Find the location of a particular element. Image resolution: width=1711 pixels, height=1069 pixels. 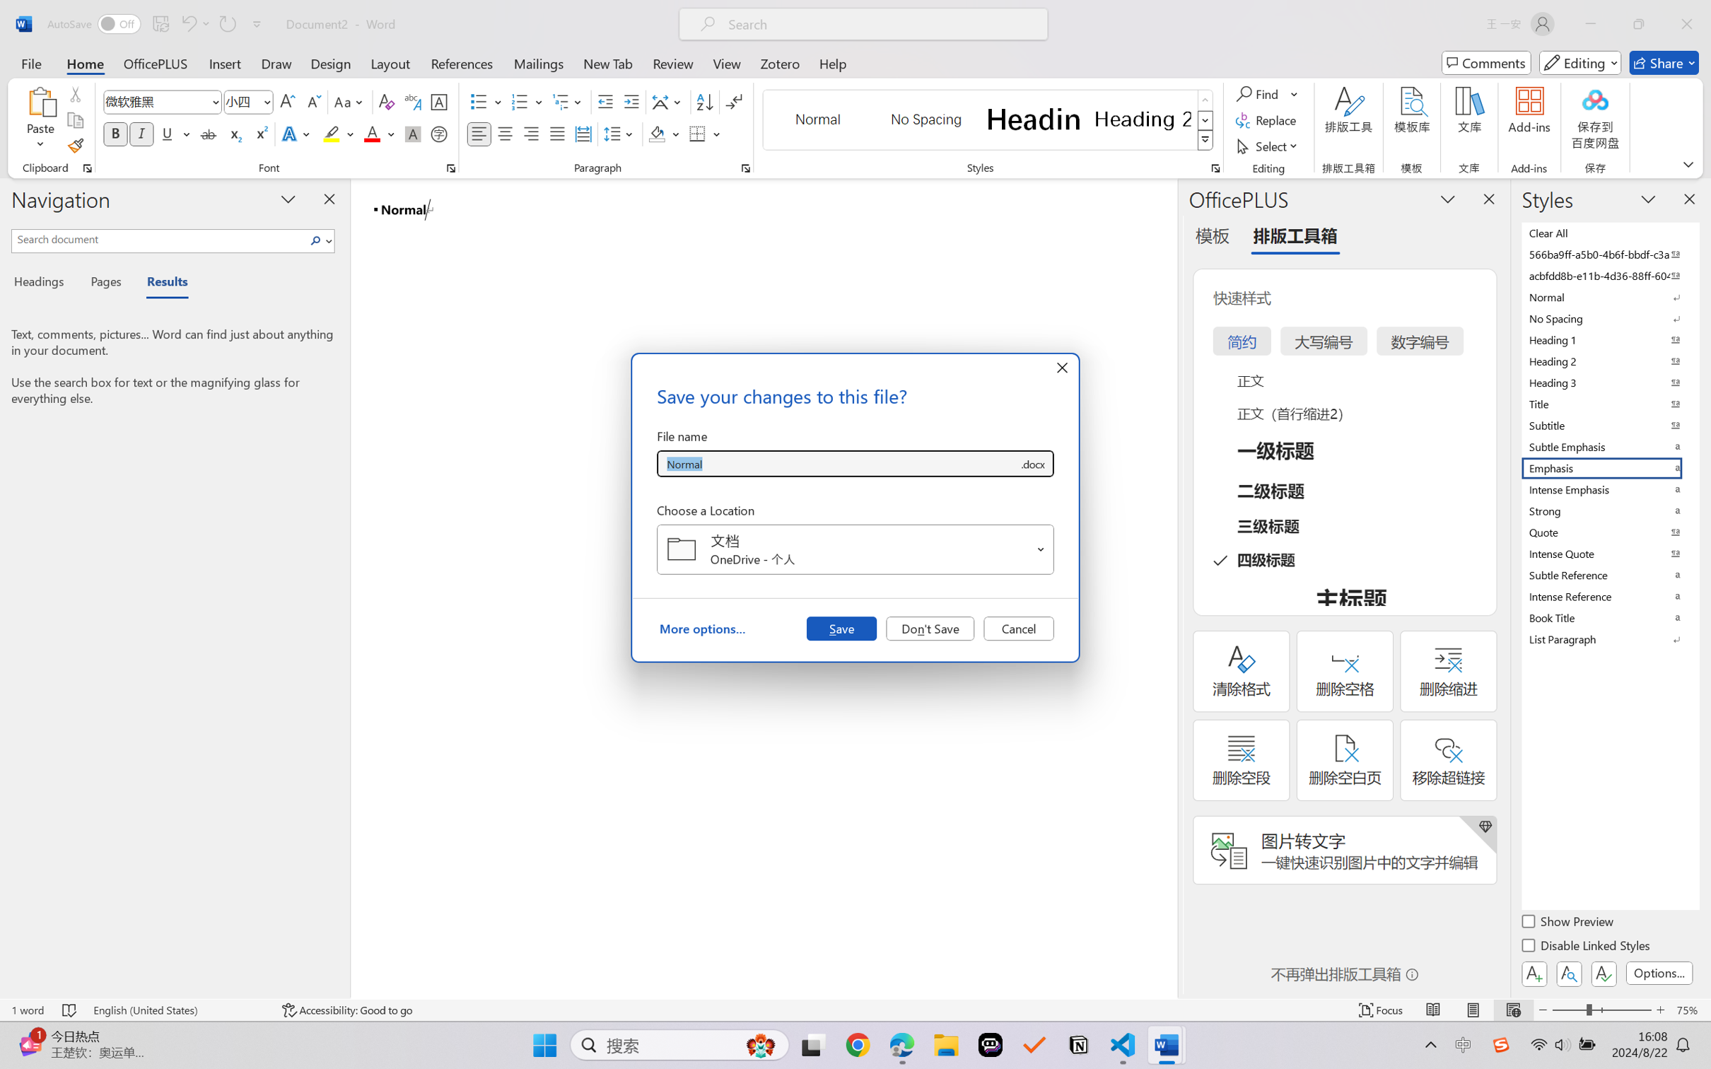

'Read Mode' is located at coordinates (1433, 1010).